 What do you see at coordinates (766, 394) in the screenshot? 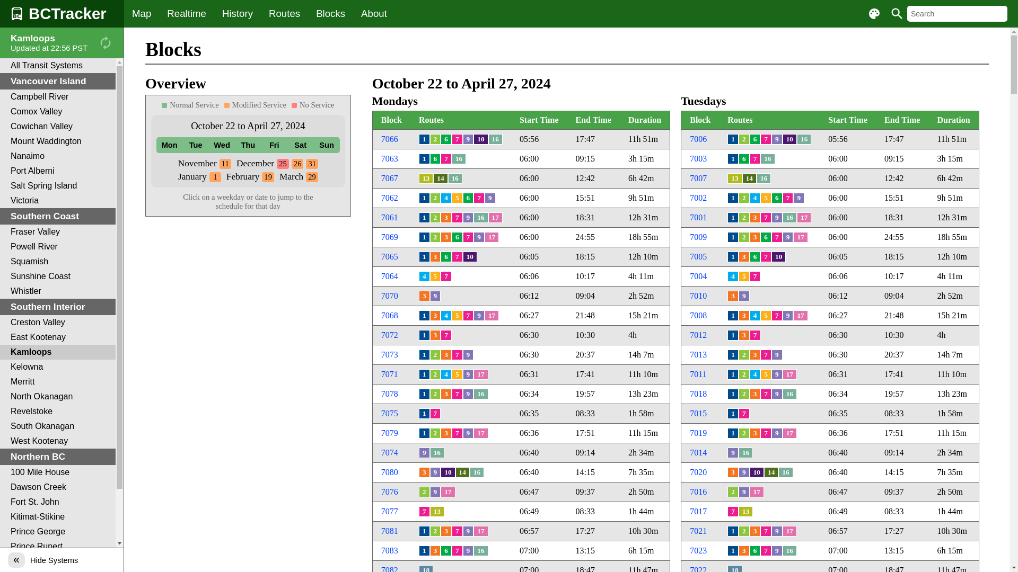
I see `'7'` at bounding box center [766, 394].